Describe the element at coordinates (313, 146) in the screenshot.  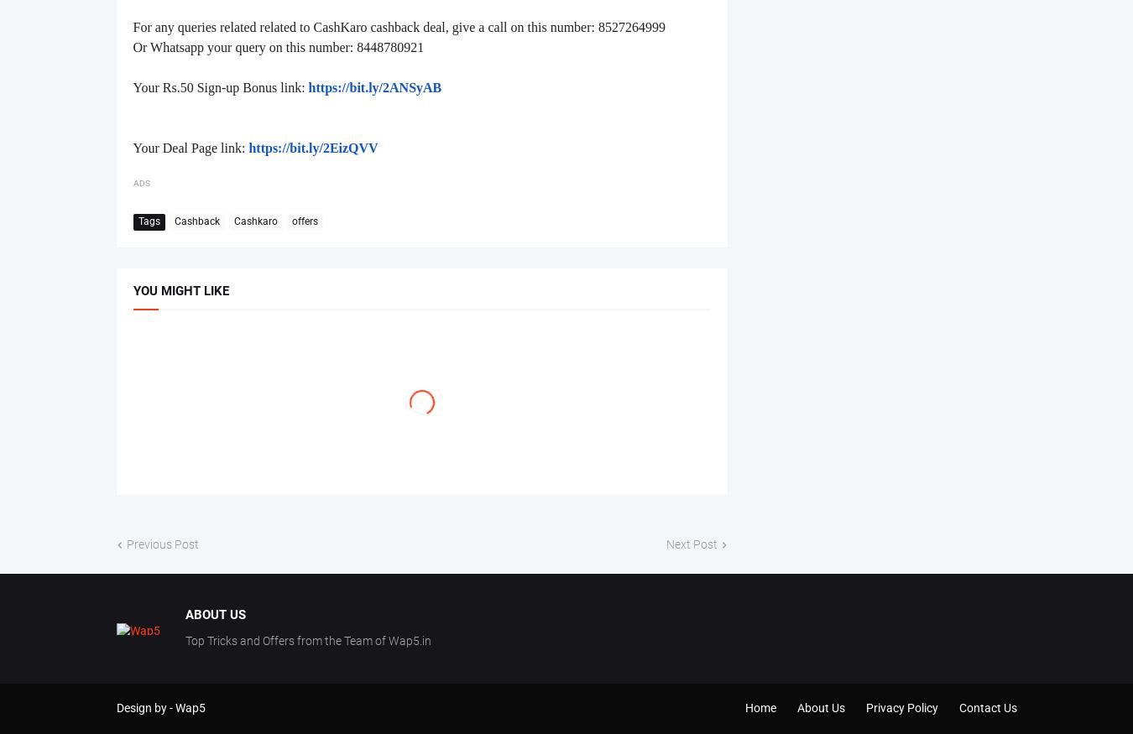
I see `'https://bit.ly/2EizQVV'` at that location.